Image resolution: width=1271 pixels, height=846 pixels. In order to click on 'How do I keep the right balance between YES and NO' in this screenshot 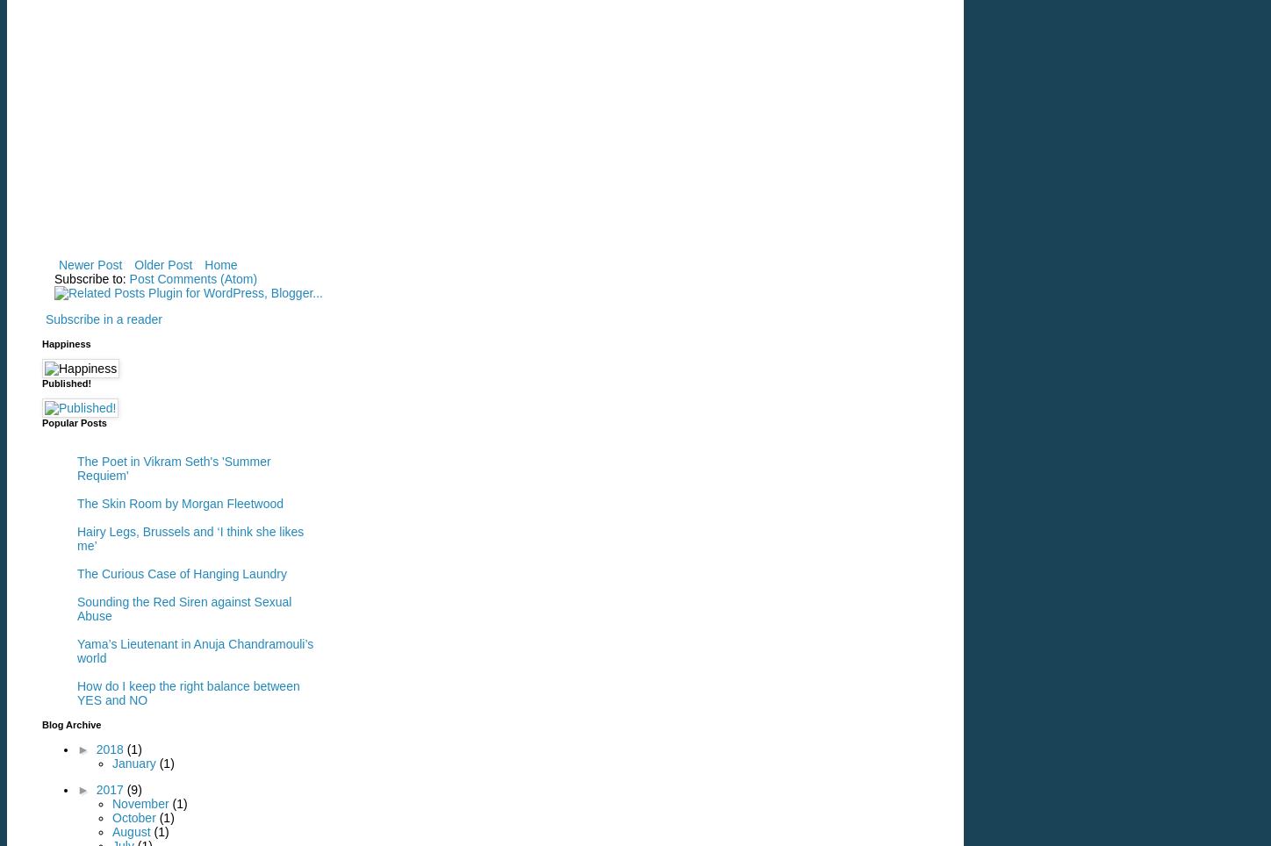, I will do `click(188, 692)`.